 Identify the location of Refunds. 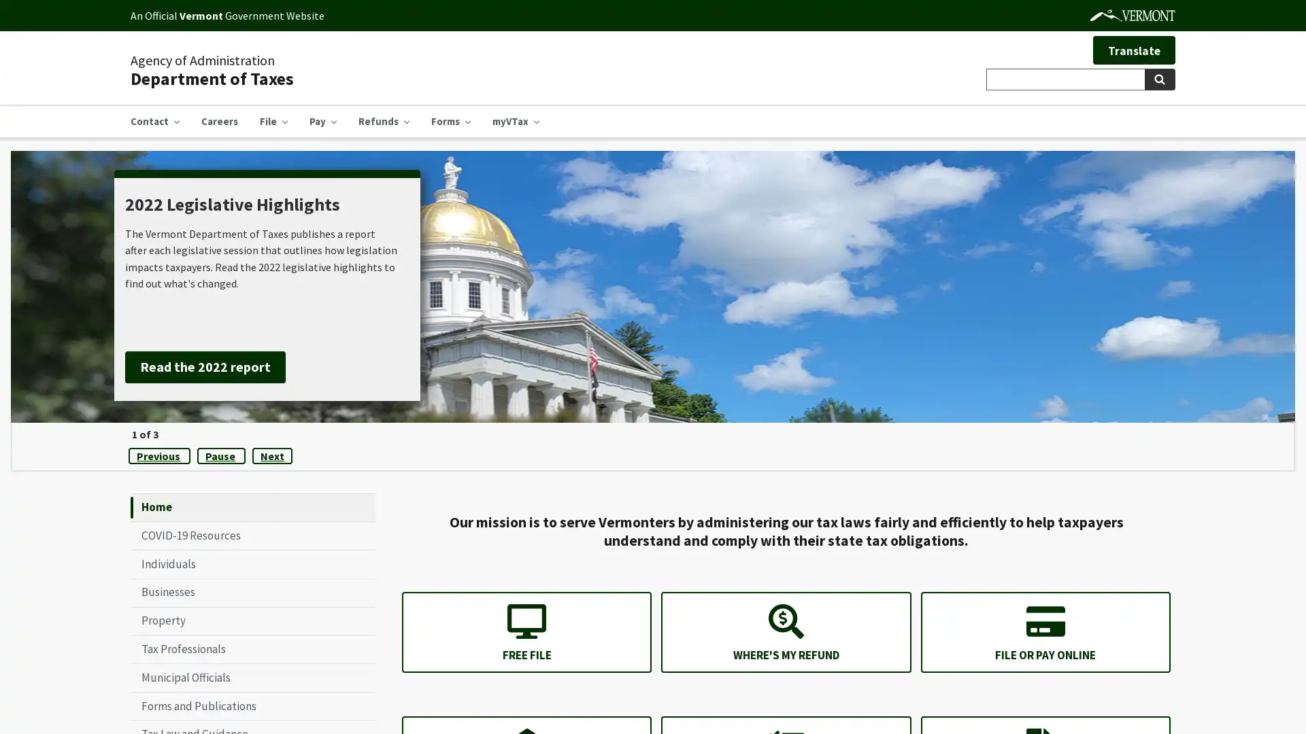
(383, 120).